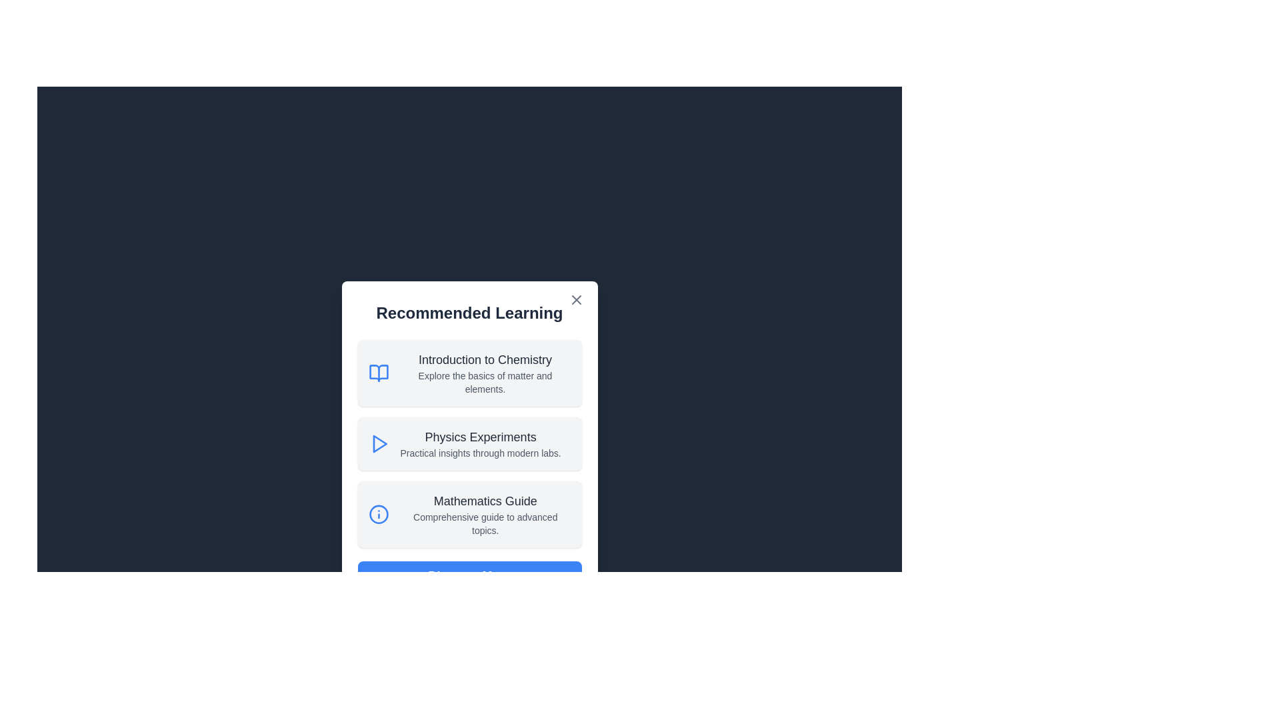 The image size is (1280, 720). Describe the element at coordinates (485, 513) in the screenshot. I see `text from the 'Mathematics Guide' block, which is styled in dark gray and bold, containing a description in lighter gray below it, located in the 'Recommended Learning' modal` at that location.